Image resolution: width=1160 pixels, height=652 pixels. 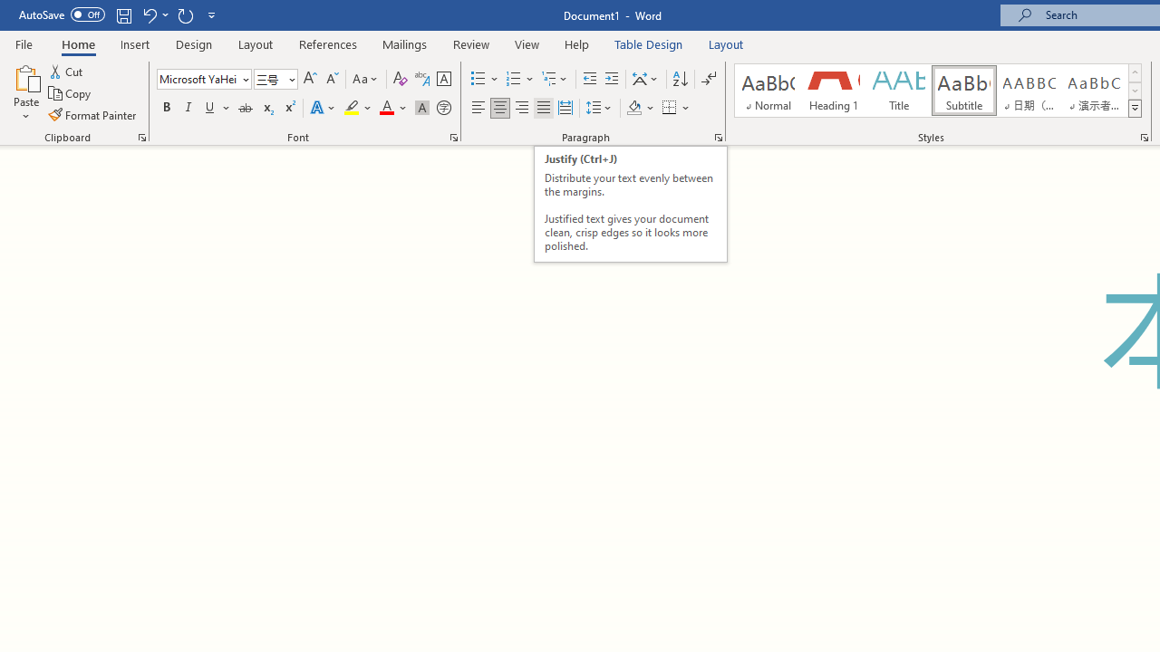 I want to click on 'Multilevel List', so click(x=555, y=78).